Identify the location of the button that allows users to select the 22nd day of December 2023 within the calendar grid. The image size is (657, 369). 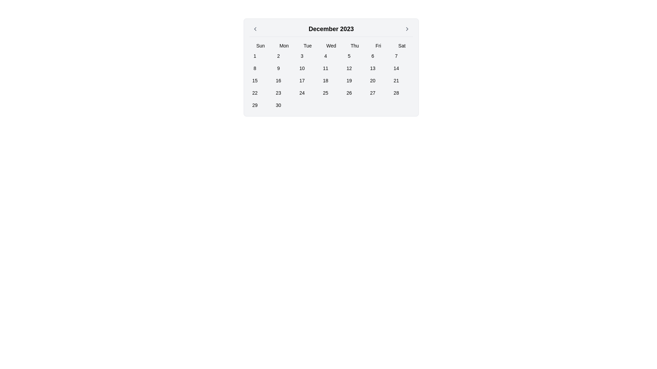
(254, 93).